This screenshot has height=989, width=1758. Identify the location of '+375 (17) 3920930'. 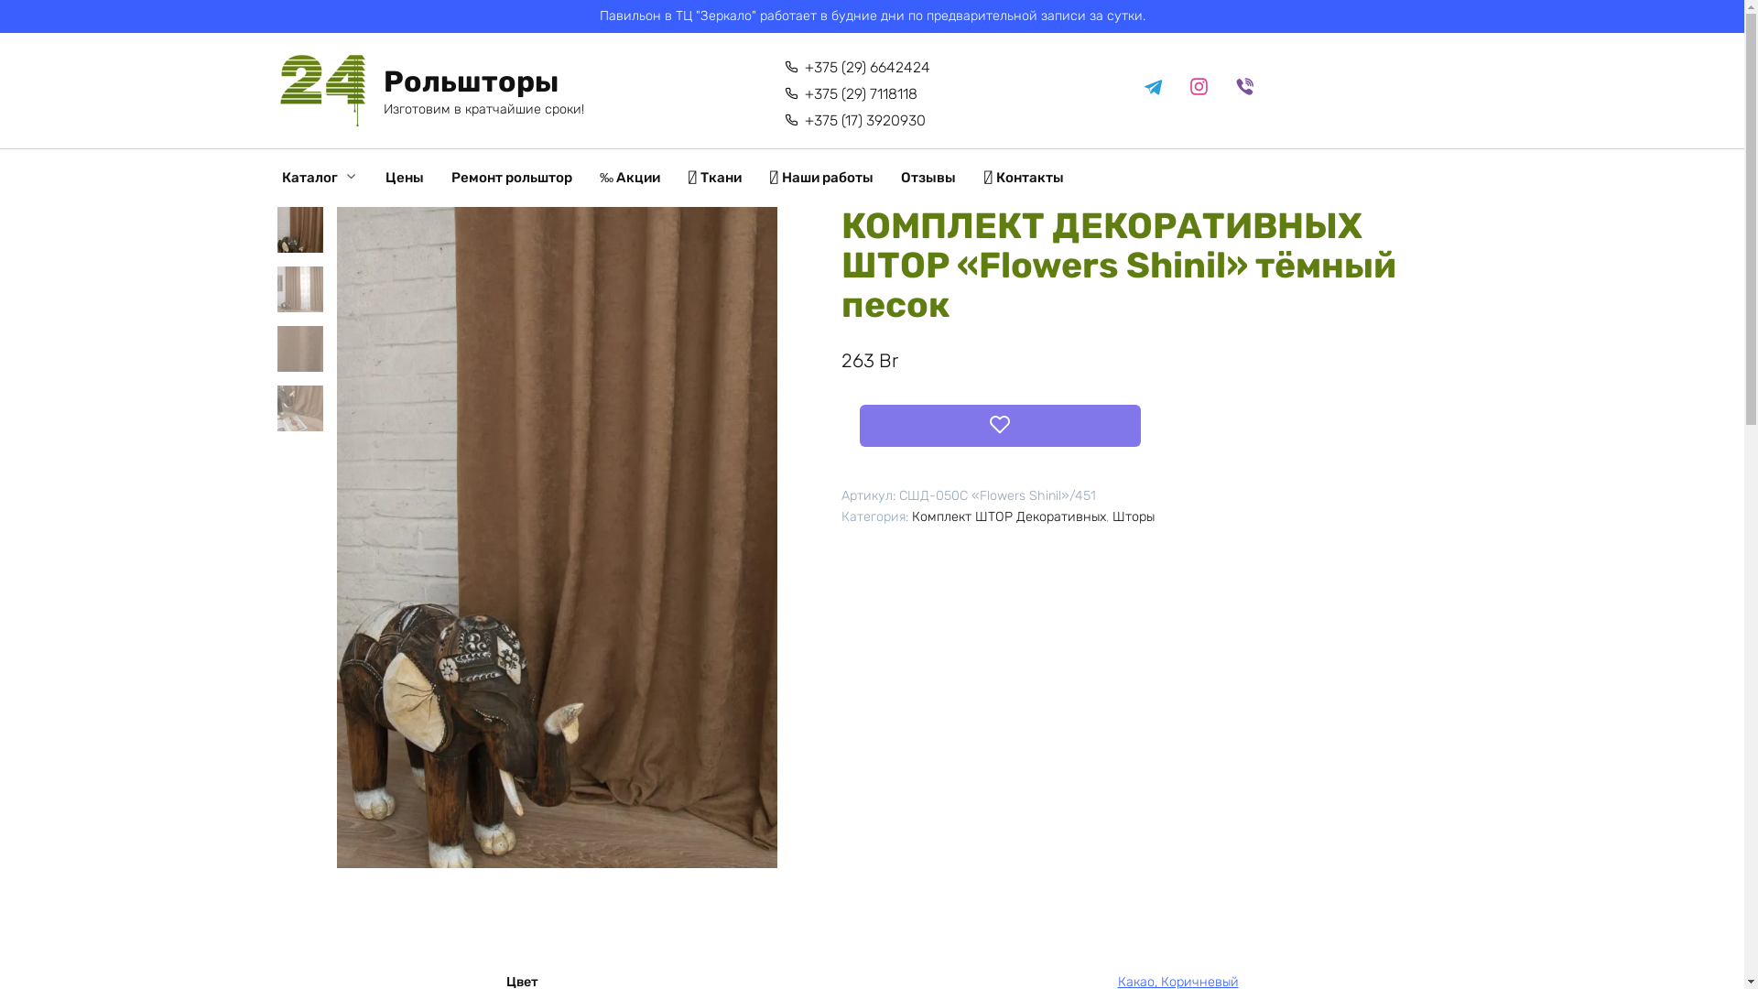
(785, 121).